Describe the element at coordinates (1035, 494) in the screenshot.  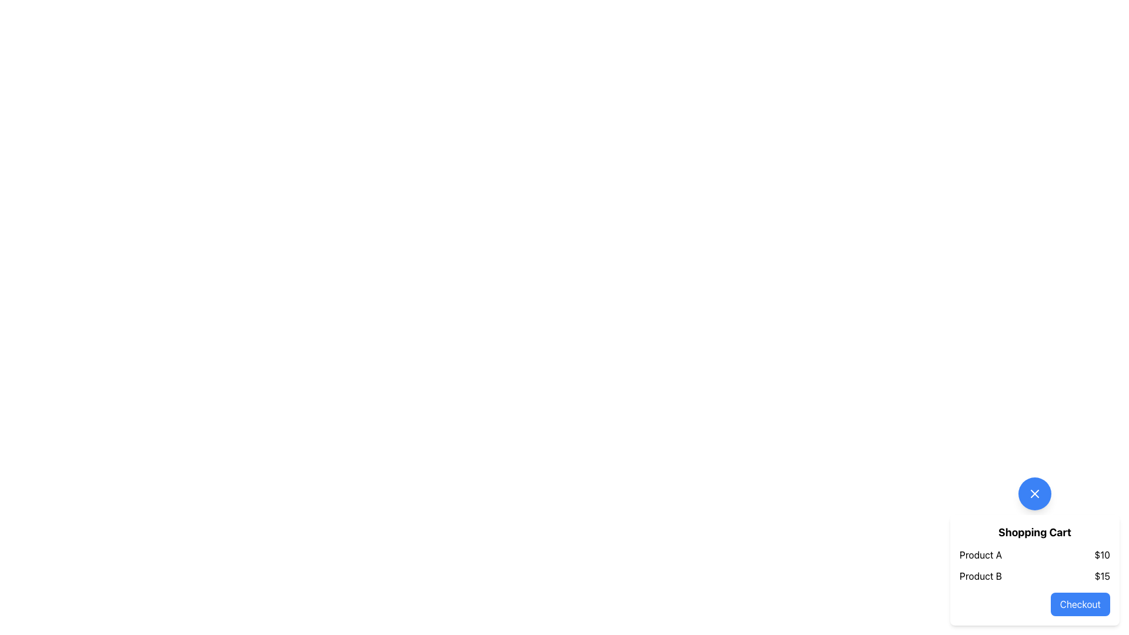
I see `the Close Icon, which is a graphical cross mark within a blue circular button above the shopping cart display` at that location.